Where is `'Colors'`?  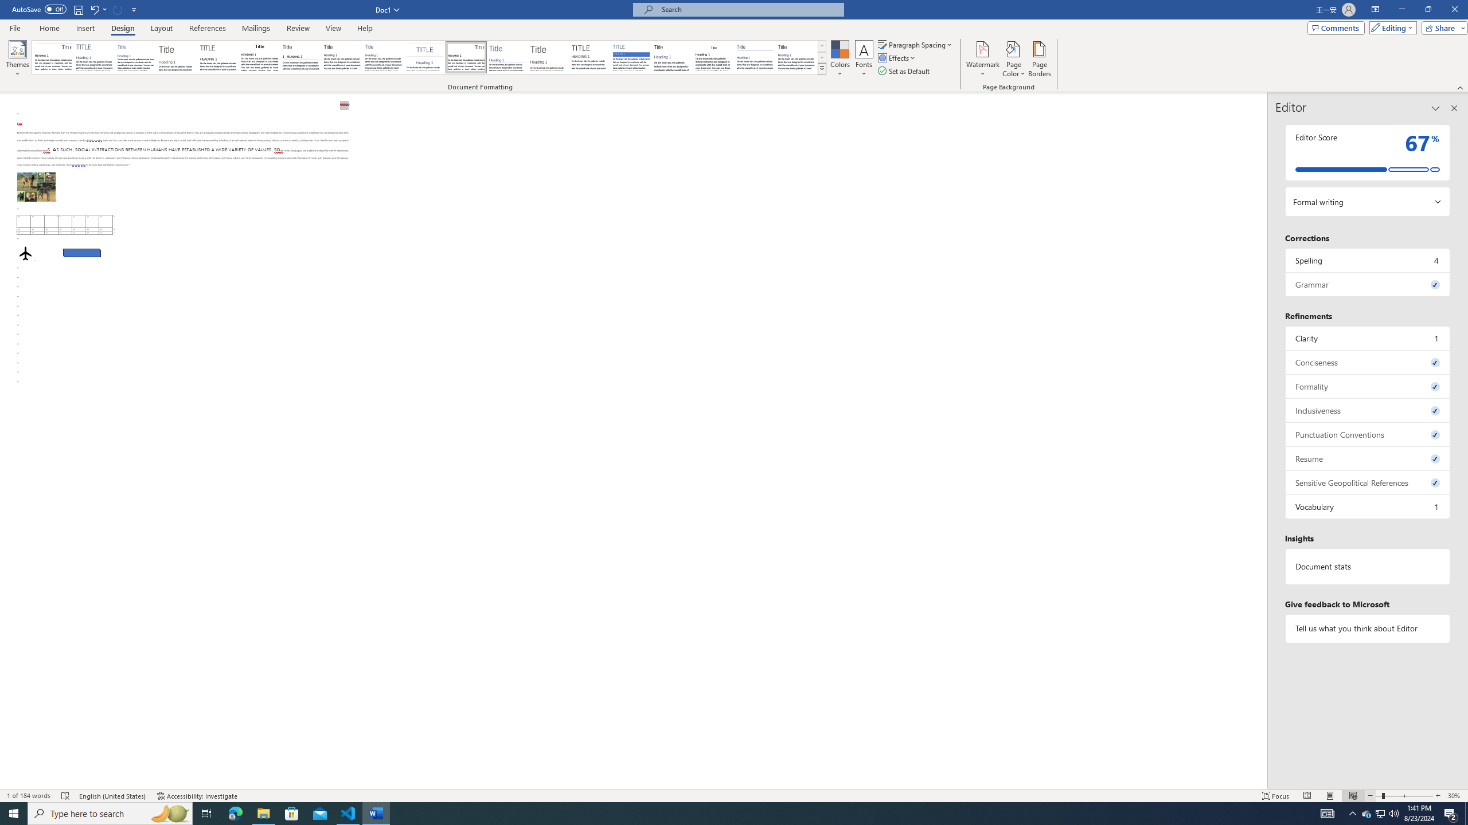 'Colors' is located at coordinates (839, 59).